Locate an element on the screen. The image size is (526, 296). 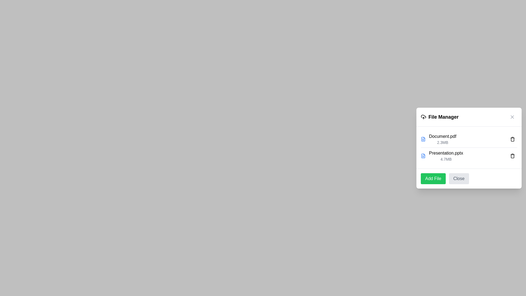
the trash can icon button located at the right end of the file entry row for 'Document.pdf' is located at coordinates (512, 138).